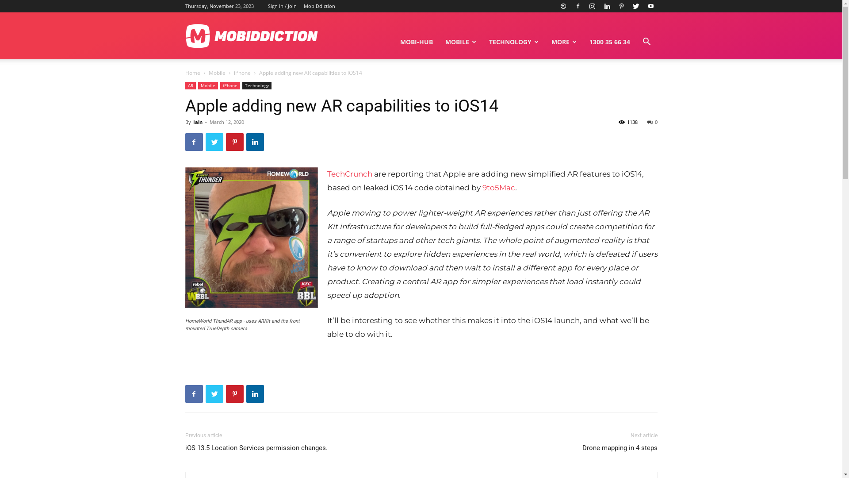 This screenshot has height=478, width=849. What do you see at coordinates (632, 84) in the screenshot?
I see `'Search'` at bounding box center [632, 84].